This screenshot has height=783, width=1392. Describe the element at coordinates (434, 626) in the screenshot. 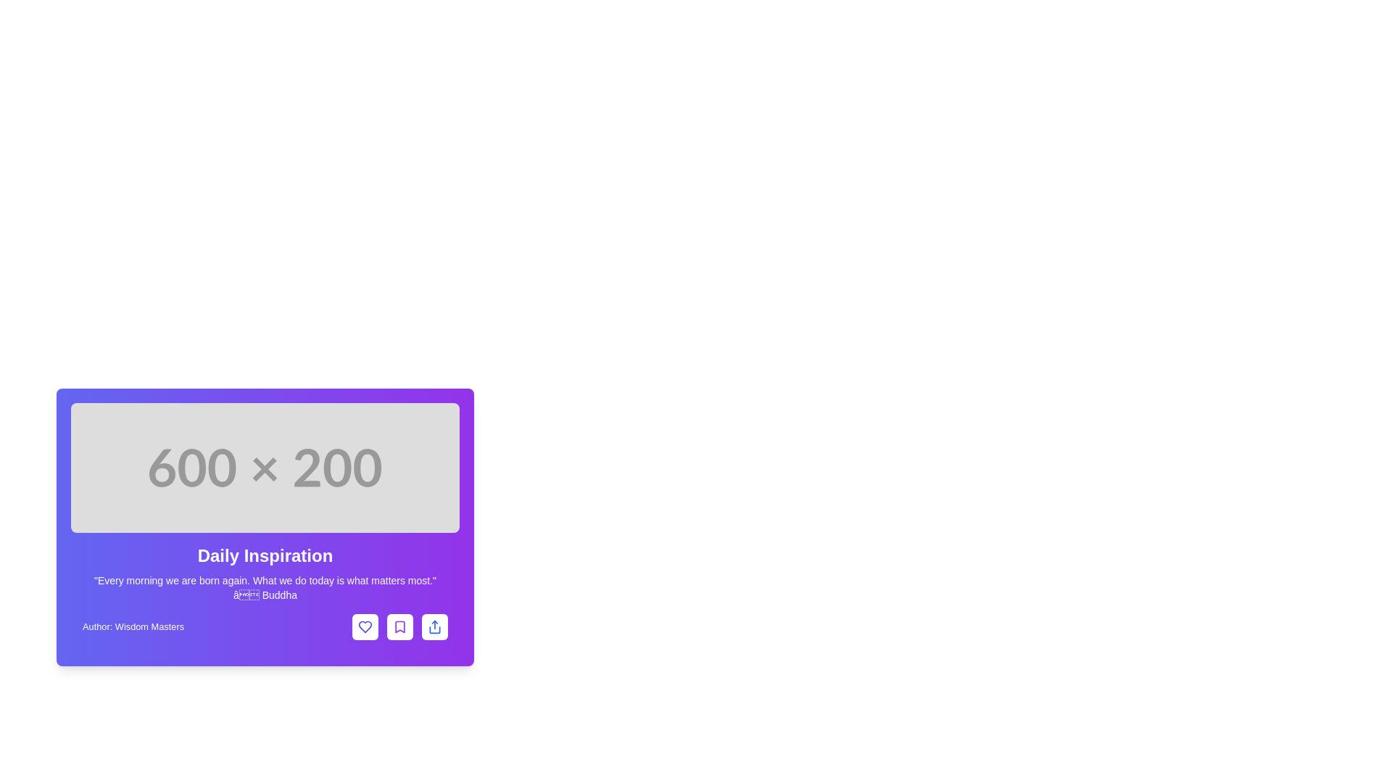

I see `the rightmost icon-based 'share' button within the purple card` at that location.